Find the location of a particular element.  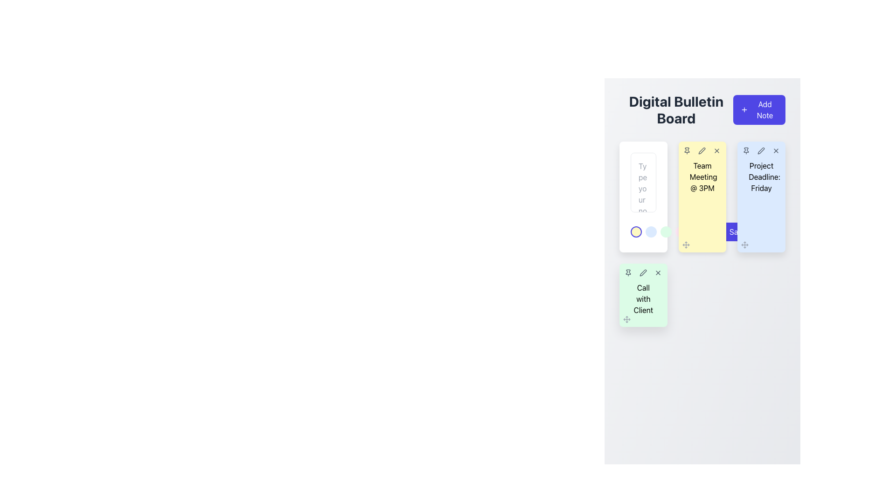

the 'X'-shaped gray icon located in the top-right corner of the blue note card labeled 'Project Deadline: Friday' is located at coordinates (776, 150).